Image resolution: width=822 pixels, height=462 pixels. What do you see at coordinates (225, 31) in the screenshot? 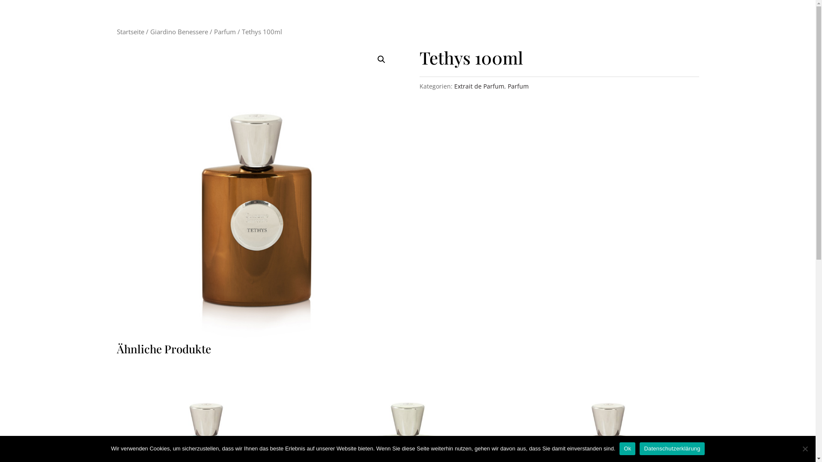
I see `'Parfum'` at bounding box center [225, 31].